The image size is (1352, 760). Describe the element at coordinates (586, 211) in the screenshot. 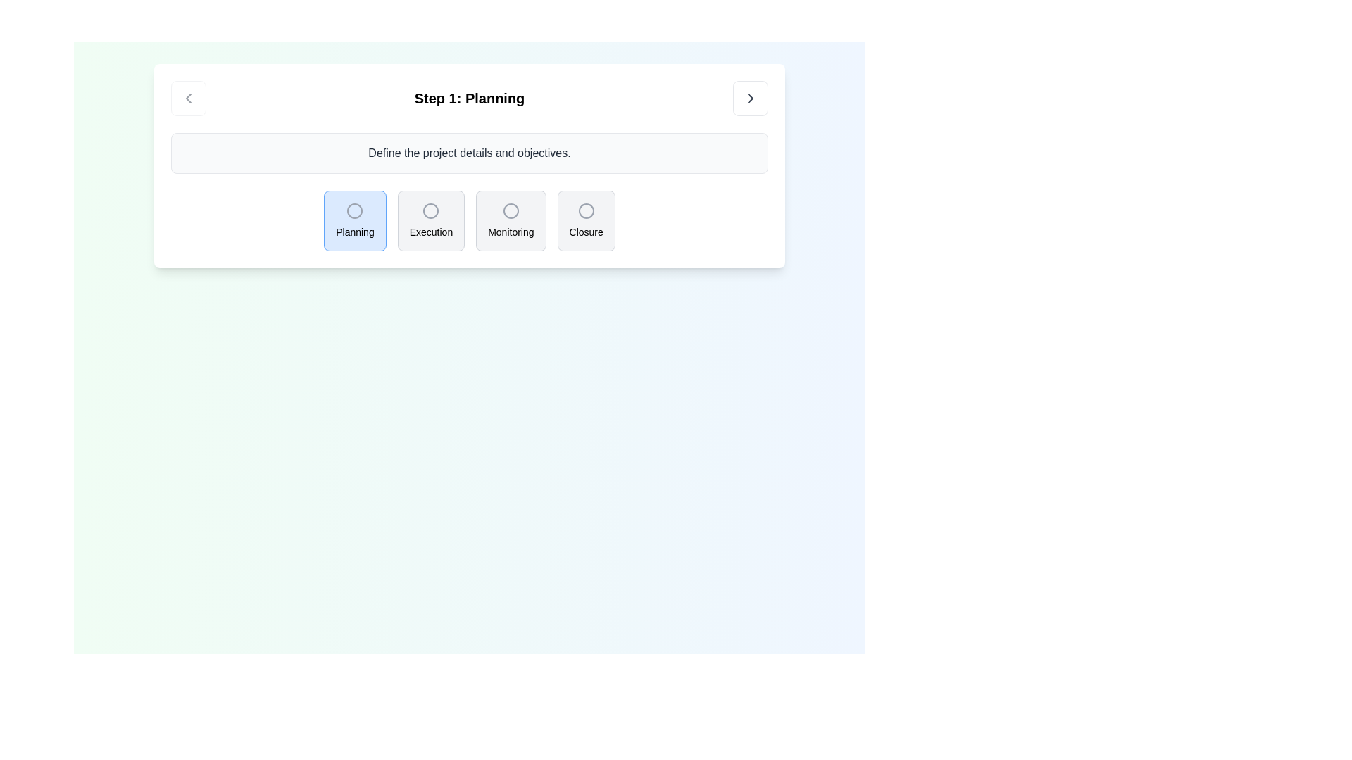

I see `the rightmost radio button labeled 'Closure' located beneath the text 'Step 1: Planning'` at that location.